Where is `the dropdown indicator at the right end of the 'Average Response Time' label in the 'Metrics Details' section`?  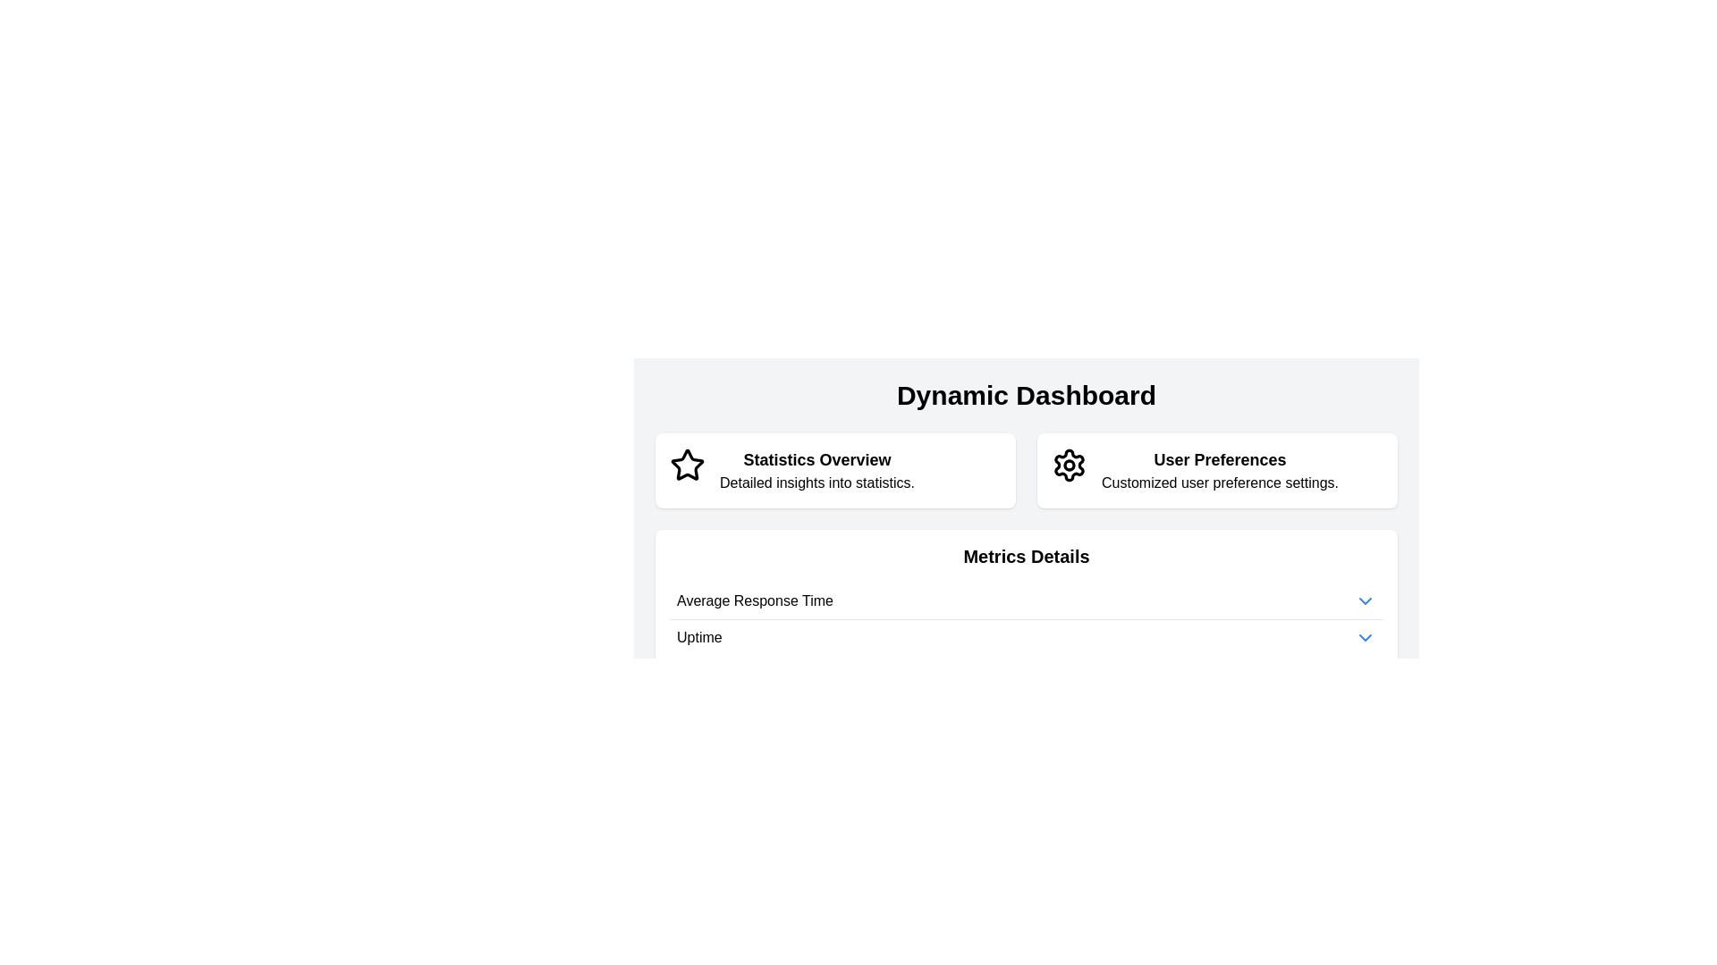 the dropdown indicator at the right end of the 'Average Response Time' label in the 'Metrics Details' section is located at coordinates (1364, 600).